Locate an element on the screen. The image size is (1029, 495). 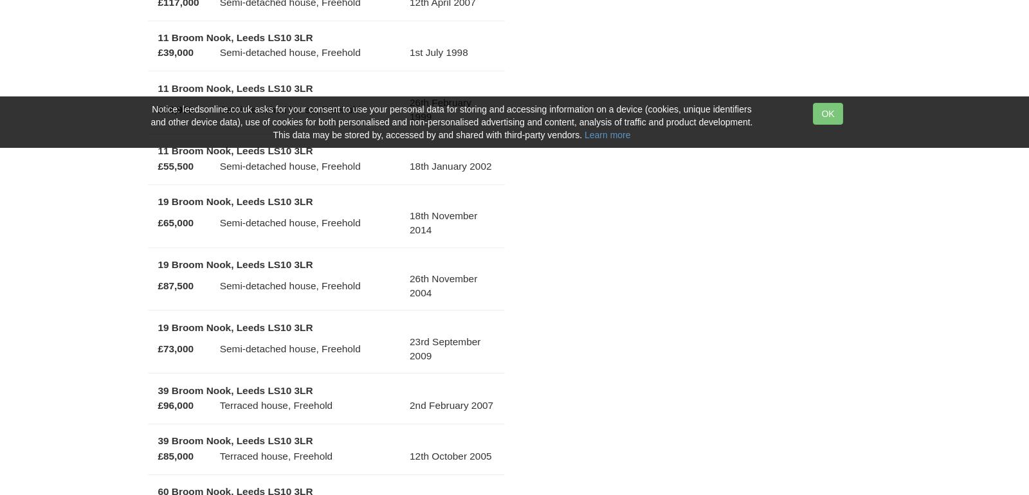
'18th January 2002' is located at coordinates (450, 165).